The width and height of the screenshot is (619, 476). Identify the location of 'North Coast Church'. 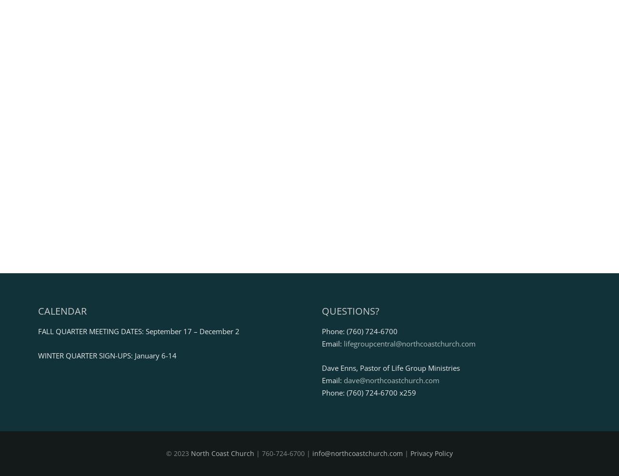
(191, 453).